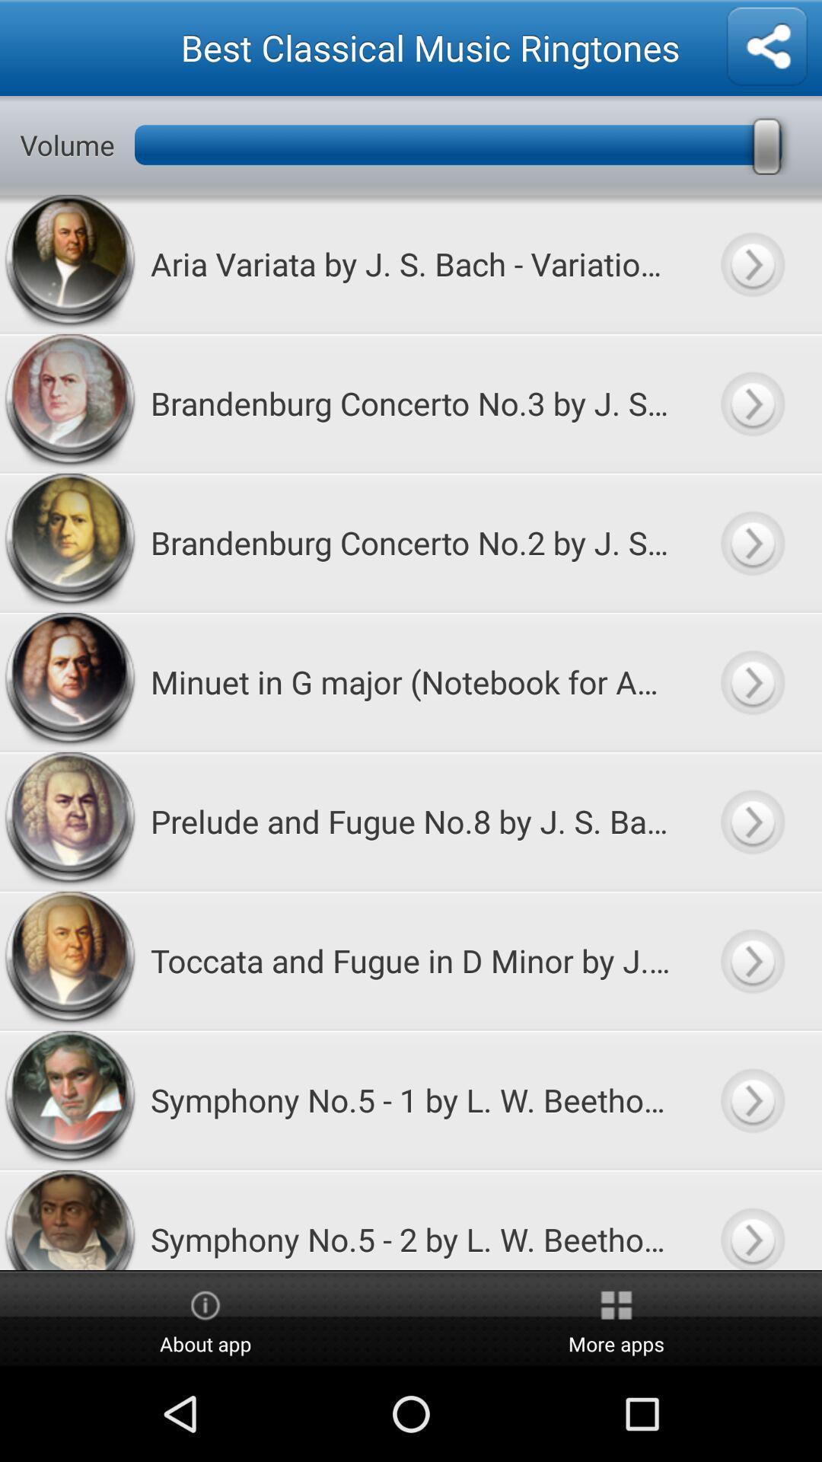 Image resolution: width=822 pixels, height=1462 pixels. What do you see at coordinates (751, 263) in the screenshot?
I see `the ringtone` at bounding box center [751, 263].